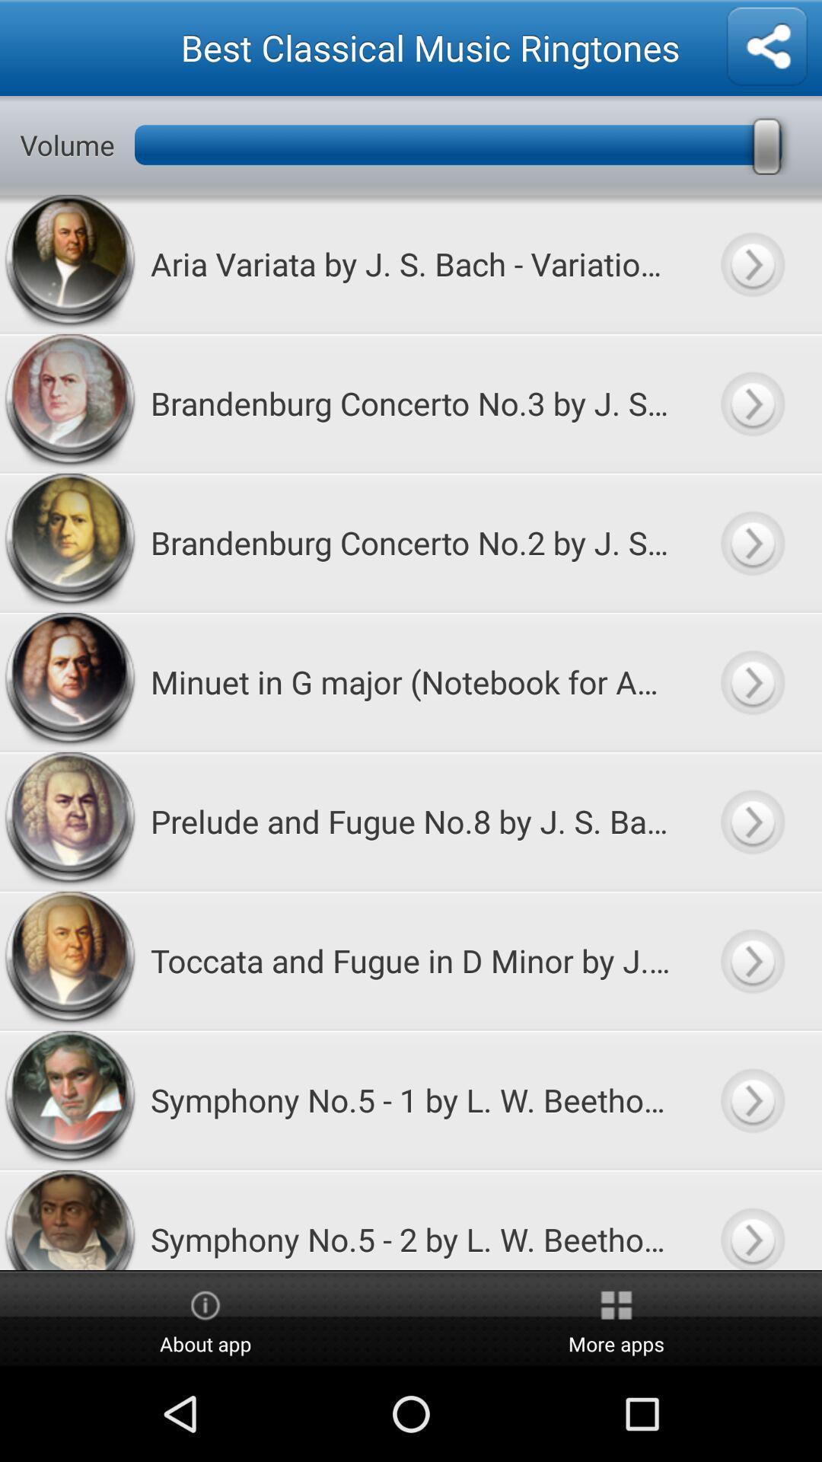 Image resolution: width=822 pixels, height=1462 pixels. What do you see at coordinates (751, 263) in the screenshot?
I see `the ringtone` at bounding box center [751, 263].